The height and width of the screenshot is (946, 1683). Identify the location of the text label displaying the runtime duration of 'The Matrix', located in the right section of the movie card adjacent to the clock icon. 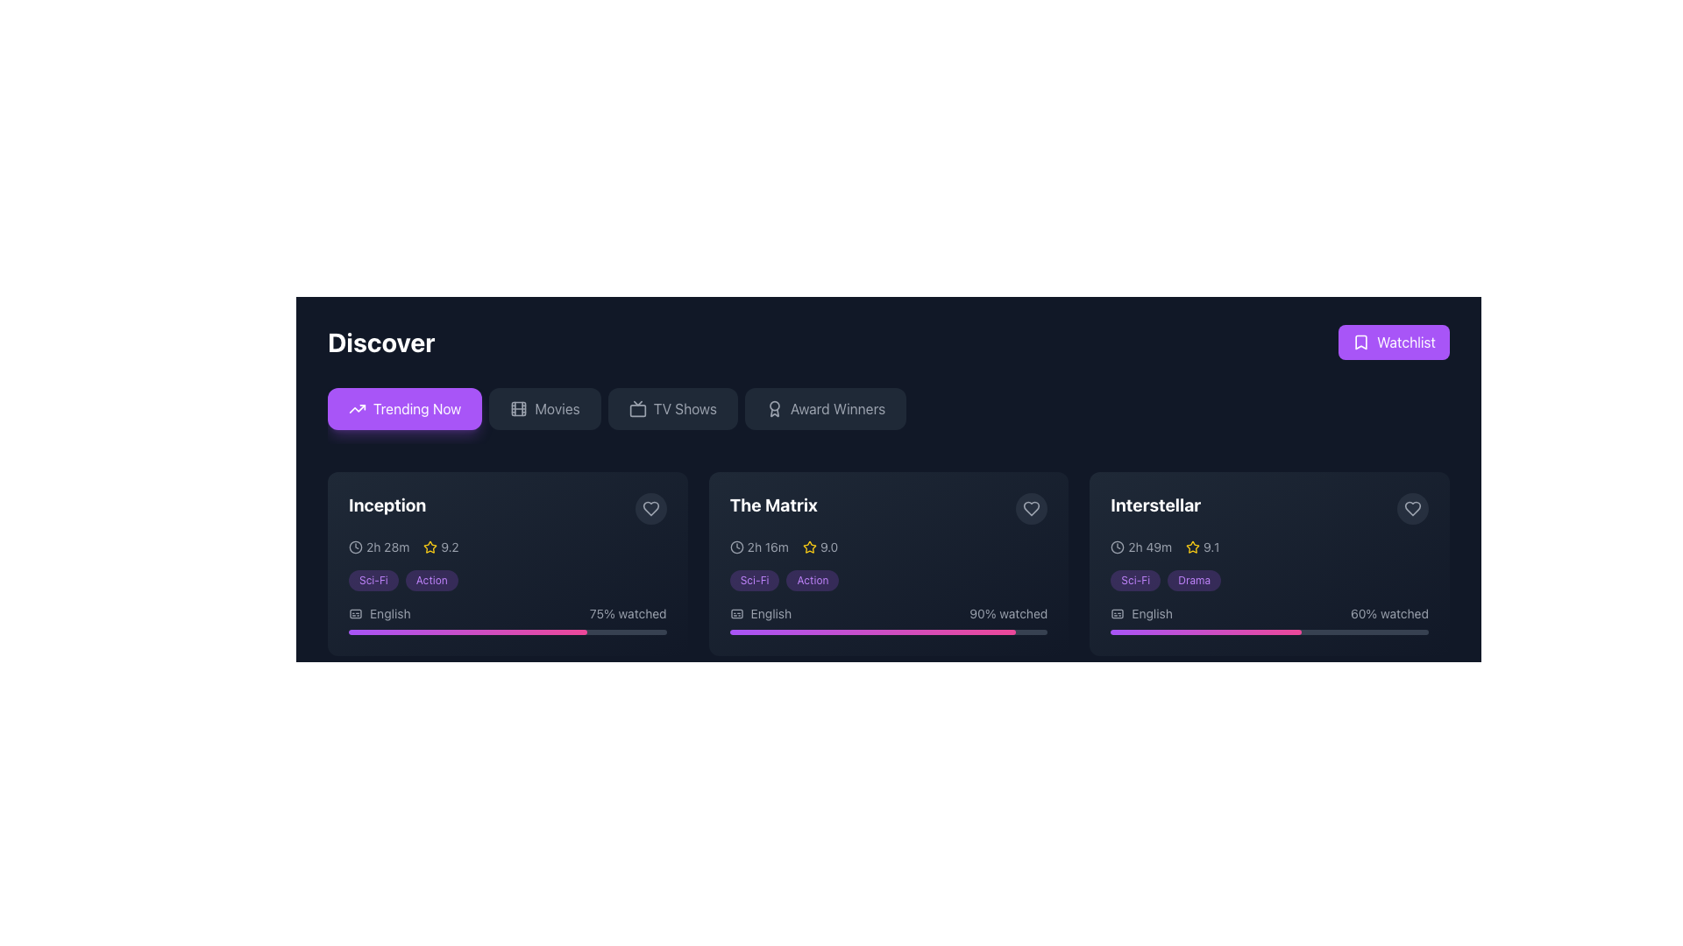
(768, 546).